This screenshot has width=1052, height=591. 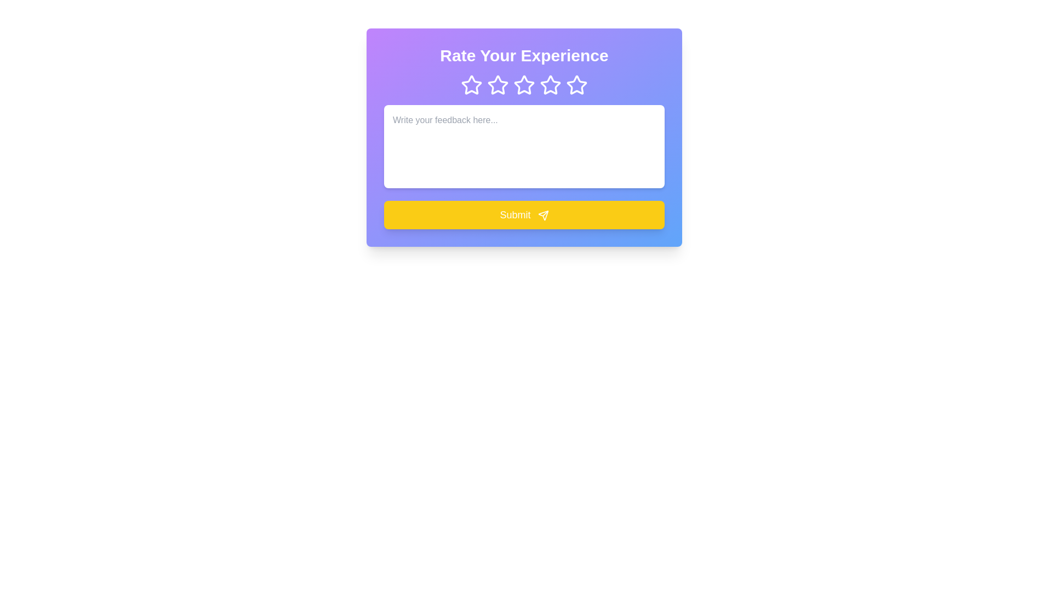 What do you see at coordinates (523, 215) in the screenshot?
I see `the submission button located below the text area labeled 'Write your feedback here...'` at bounding box center [523, 215].